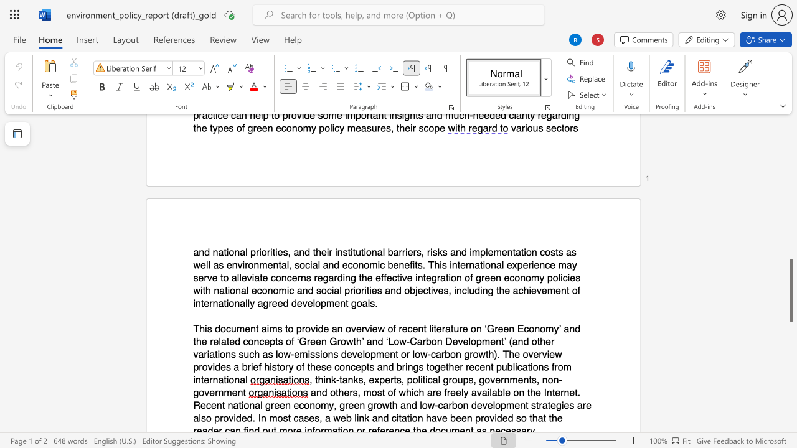 The image size is (797, 448). Describe the element at coordinates (790, 204) in the screenshot. I see `the page's right scrollbar for upward movement` at that location.